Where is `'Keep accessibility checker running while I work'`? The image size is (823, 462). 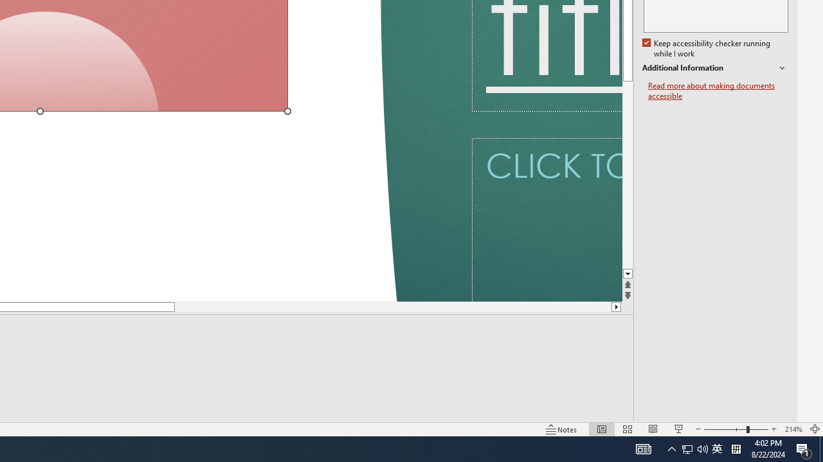 'Keep accessibility checker running while I work' is located at coordinates (707, 48).